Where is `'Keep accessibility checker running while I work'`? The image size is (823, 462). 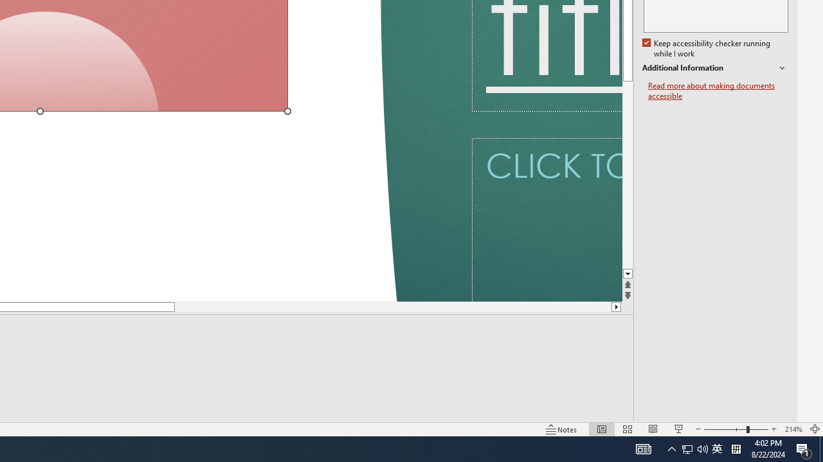 'Keep accessibility checker running while I work' is located at coordinates (707, 48).